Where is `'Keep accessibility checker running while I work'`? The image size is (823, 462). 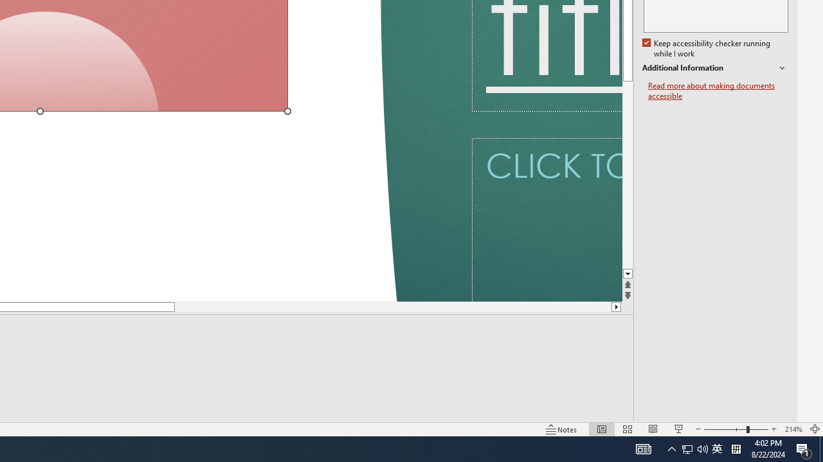 'Keep accessibility checker running while I work' is located at coordinates (707, 48).